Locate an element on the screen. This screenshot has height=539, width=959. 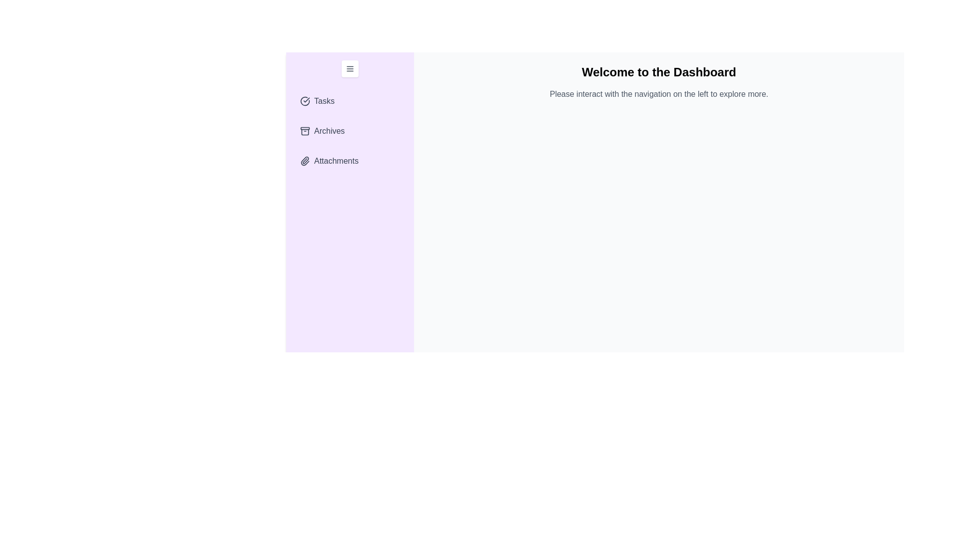
the placeholder text in the main content area to interact with it is located at coordinates (659, 94).